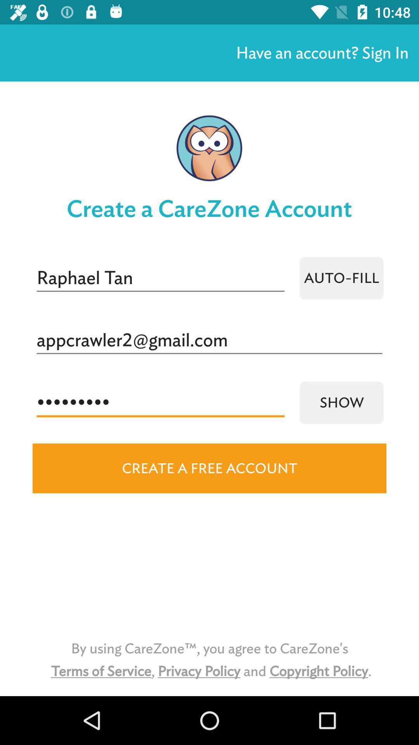 The width and height of the screenshot is (419, 745). Describe the element at coordinates (209, 340) in the screenshot. I see `appcrawler2@gmail.com item` at that location.